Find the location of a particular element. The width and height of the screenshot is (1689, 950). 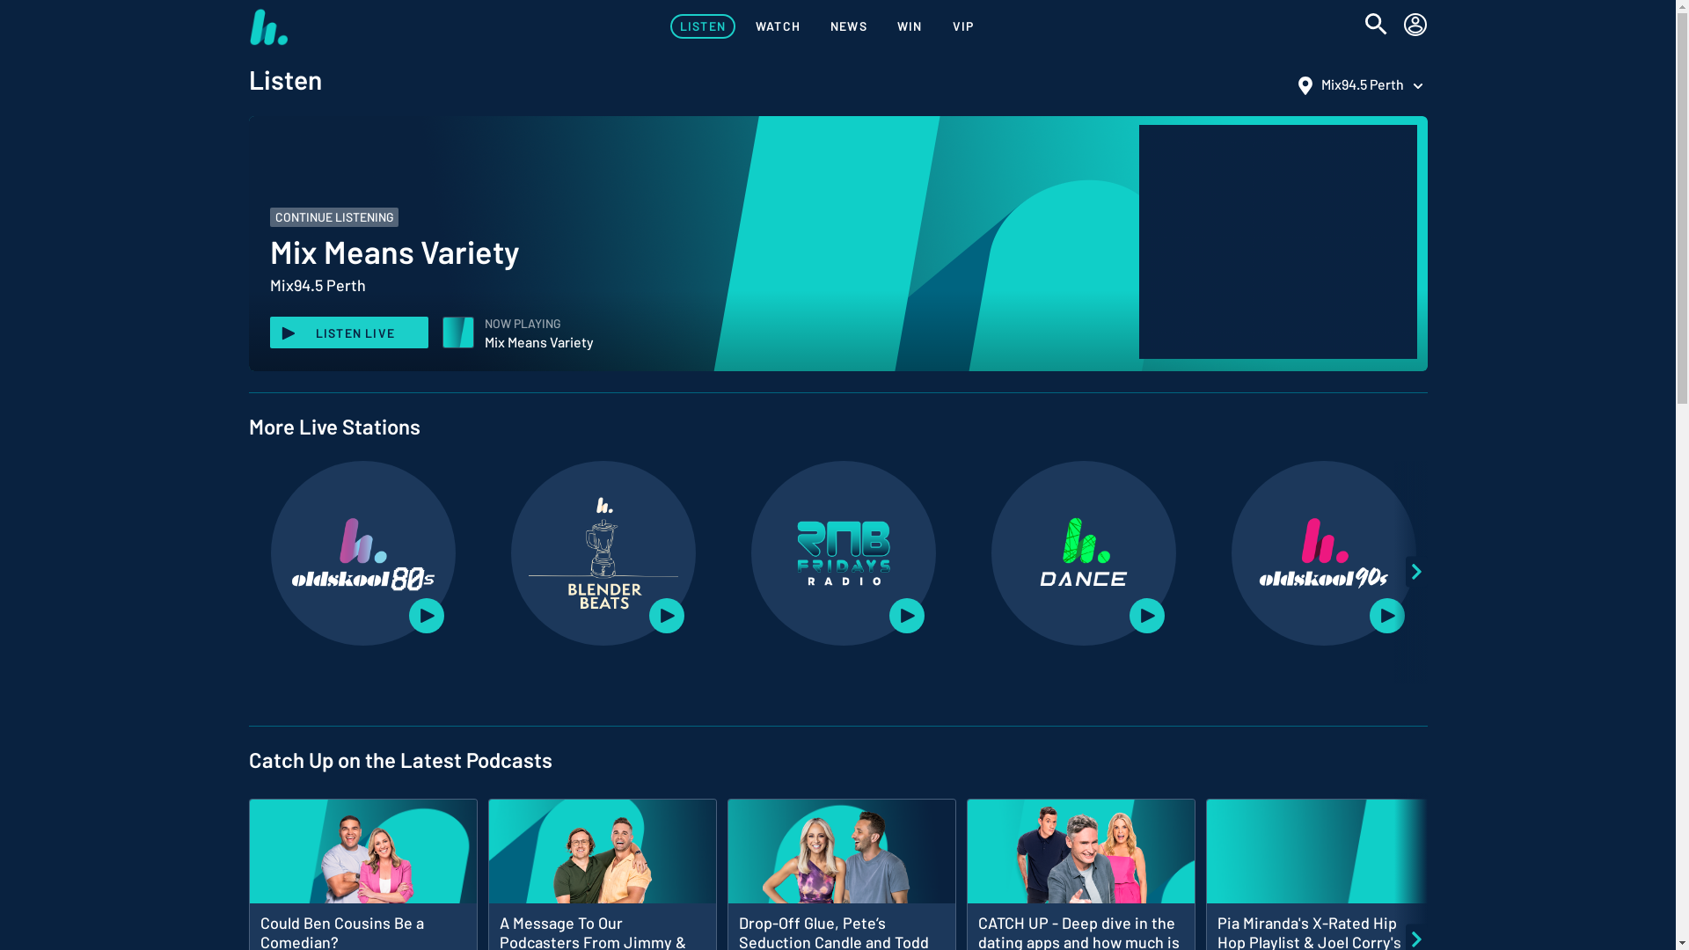

'Jimmy & Nath ' is located at coordinates (602, 861).